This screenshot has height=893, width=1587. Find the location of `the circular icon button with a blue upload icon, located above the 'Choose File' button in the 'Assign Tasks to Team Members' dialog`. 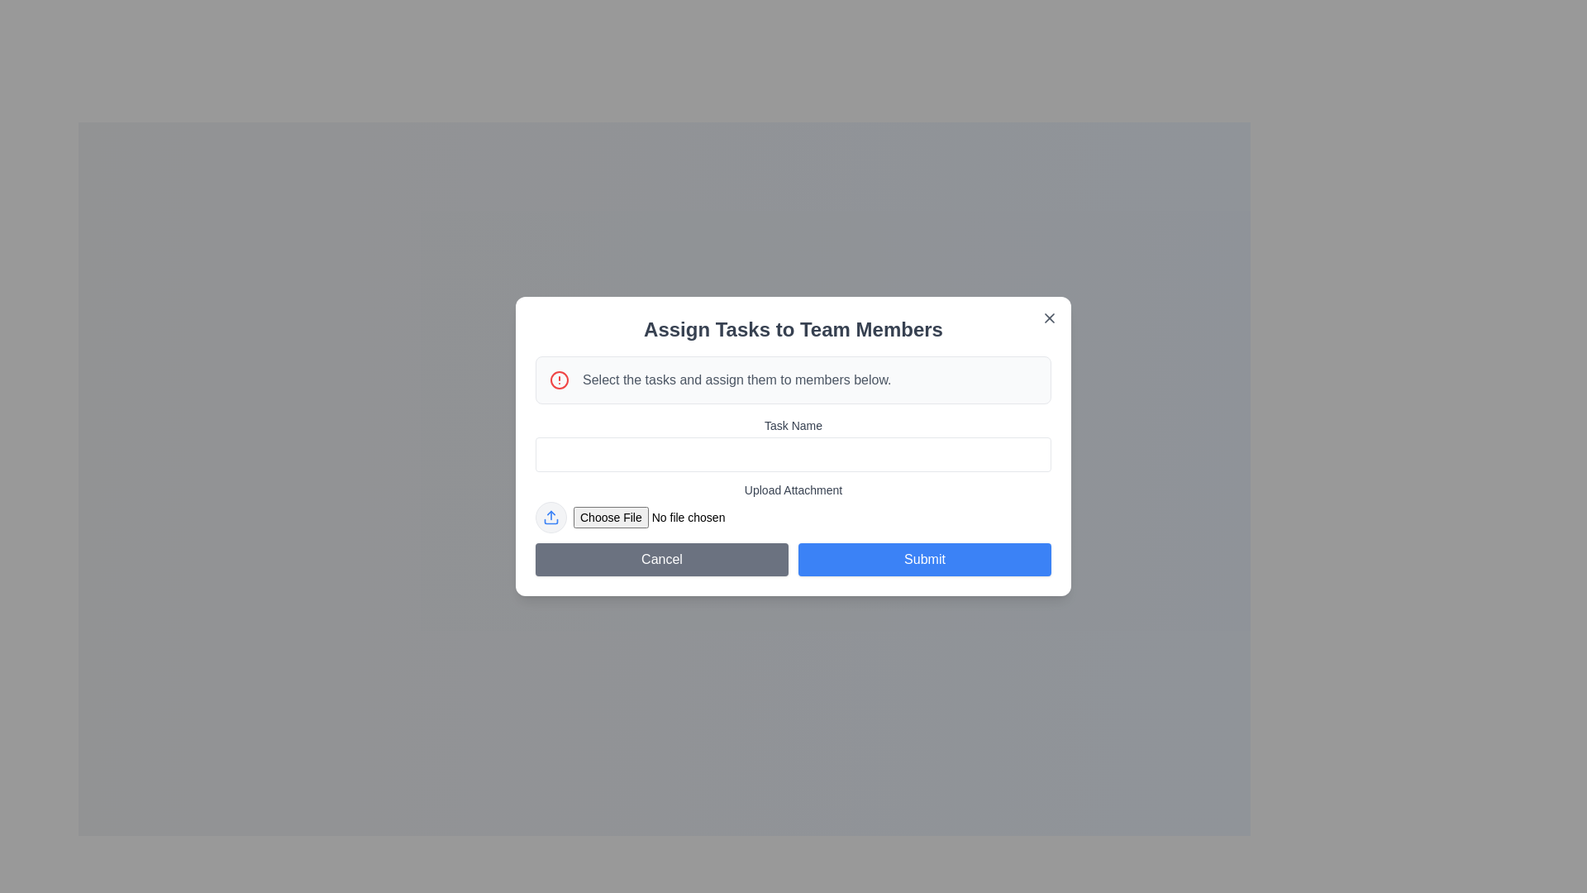

the circular icon button with a blue upload icon, located above the 'Choose File' button in the 'Assign Tasks to Team Members' dialog is located at coordinates (551, 516).